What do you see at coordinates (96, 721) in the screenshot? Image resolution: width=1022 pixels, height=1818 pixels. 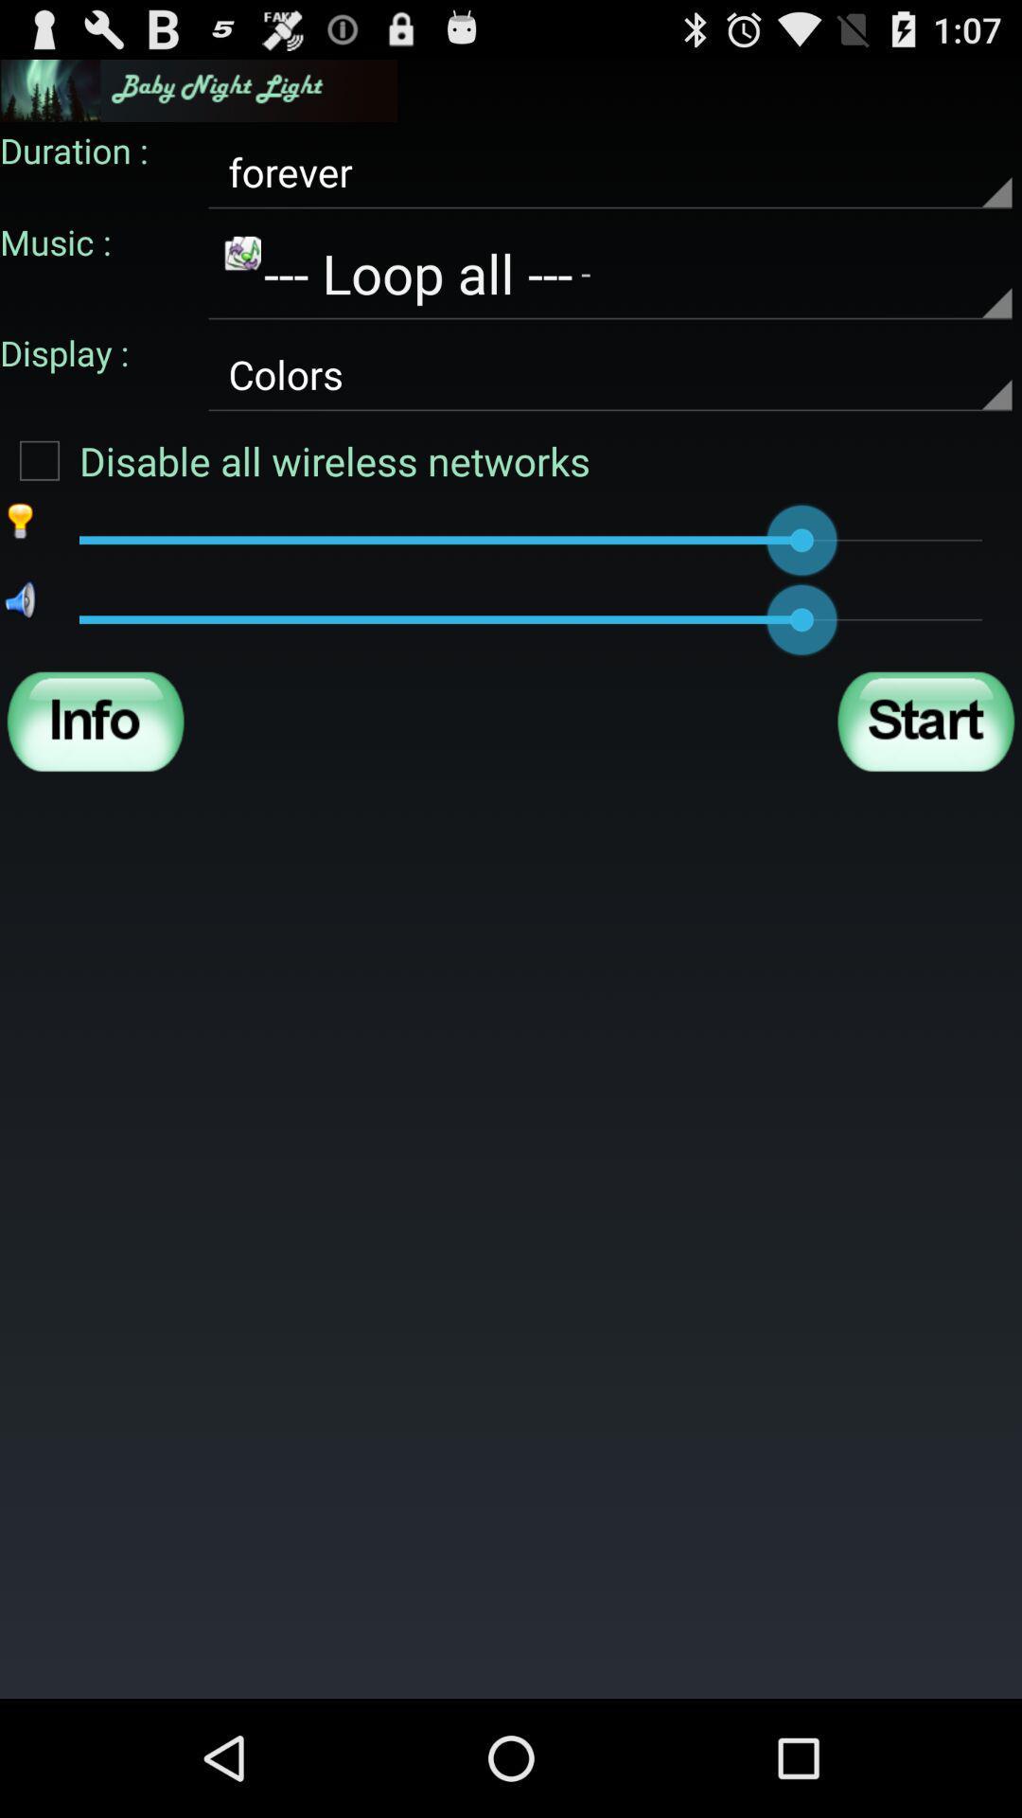 I see `show information` at bounding box center [96, 721].